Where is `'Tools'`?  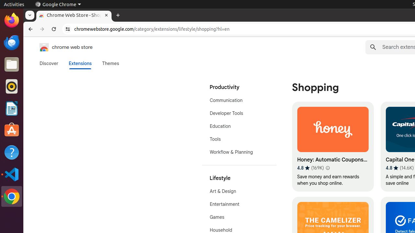
'Tools' is located at coordinates (239, 139).